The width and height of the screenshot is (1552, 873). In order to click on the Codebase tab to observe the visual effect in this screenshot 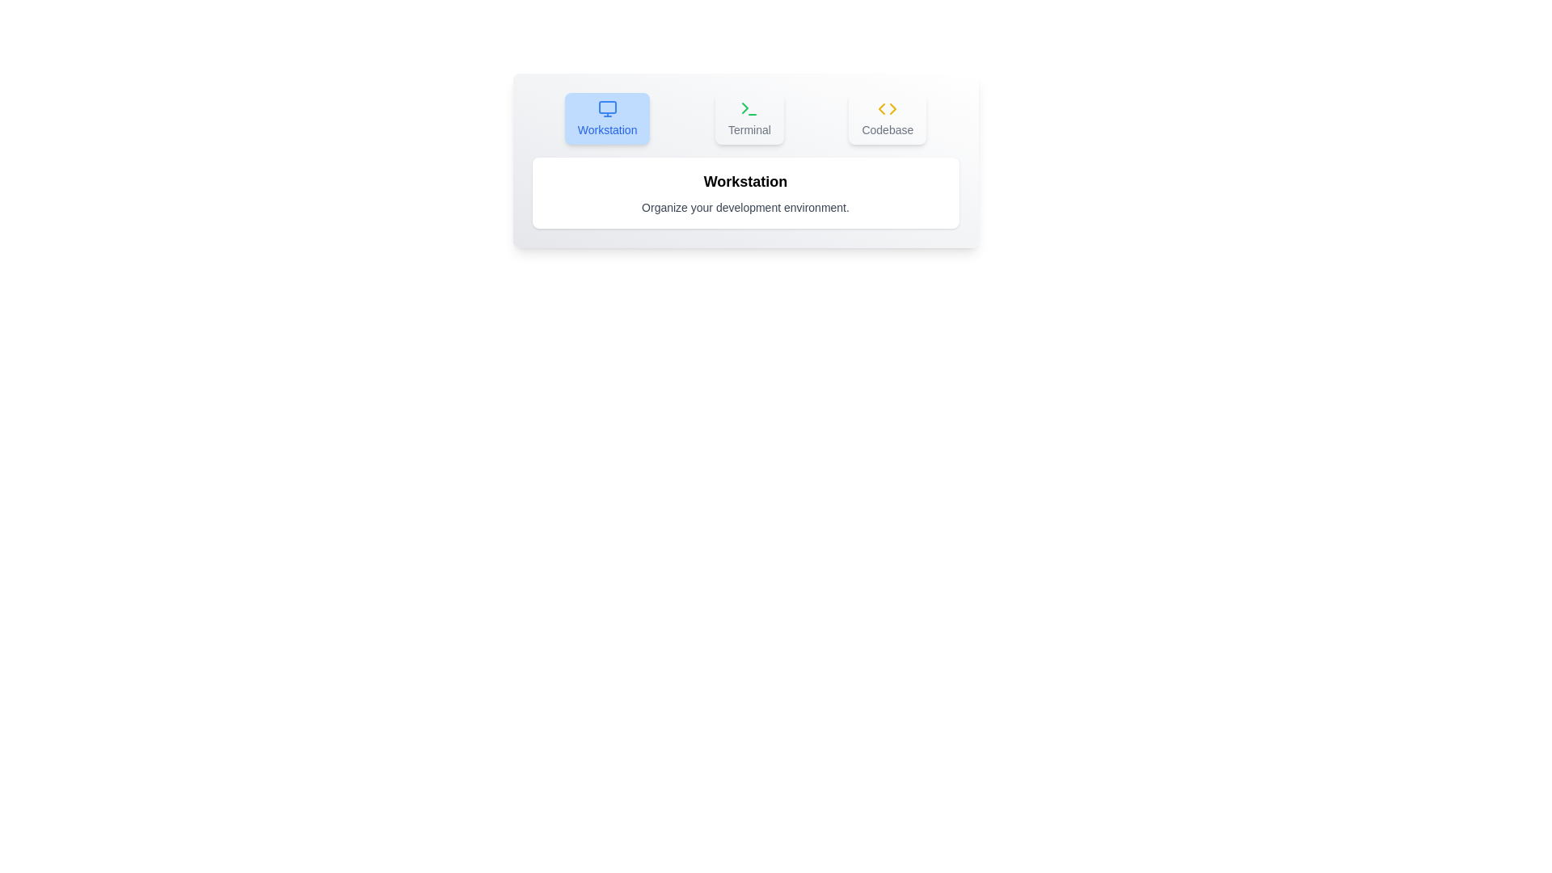, I will do `click(887, 117)`.